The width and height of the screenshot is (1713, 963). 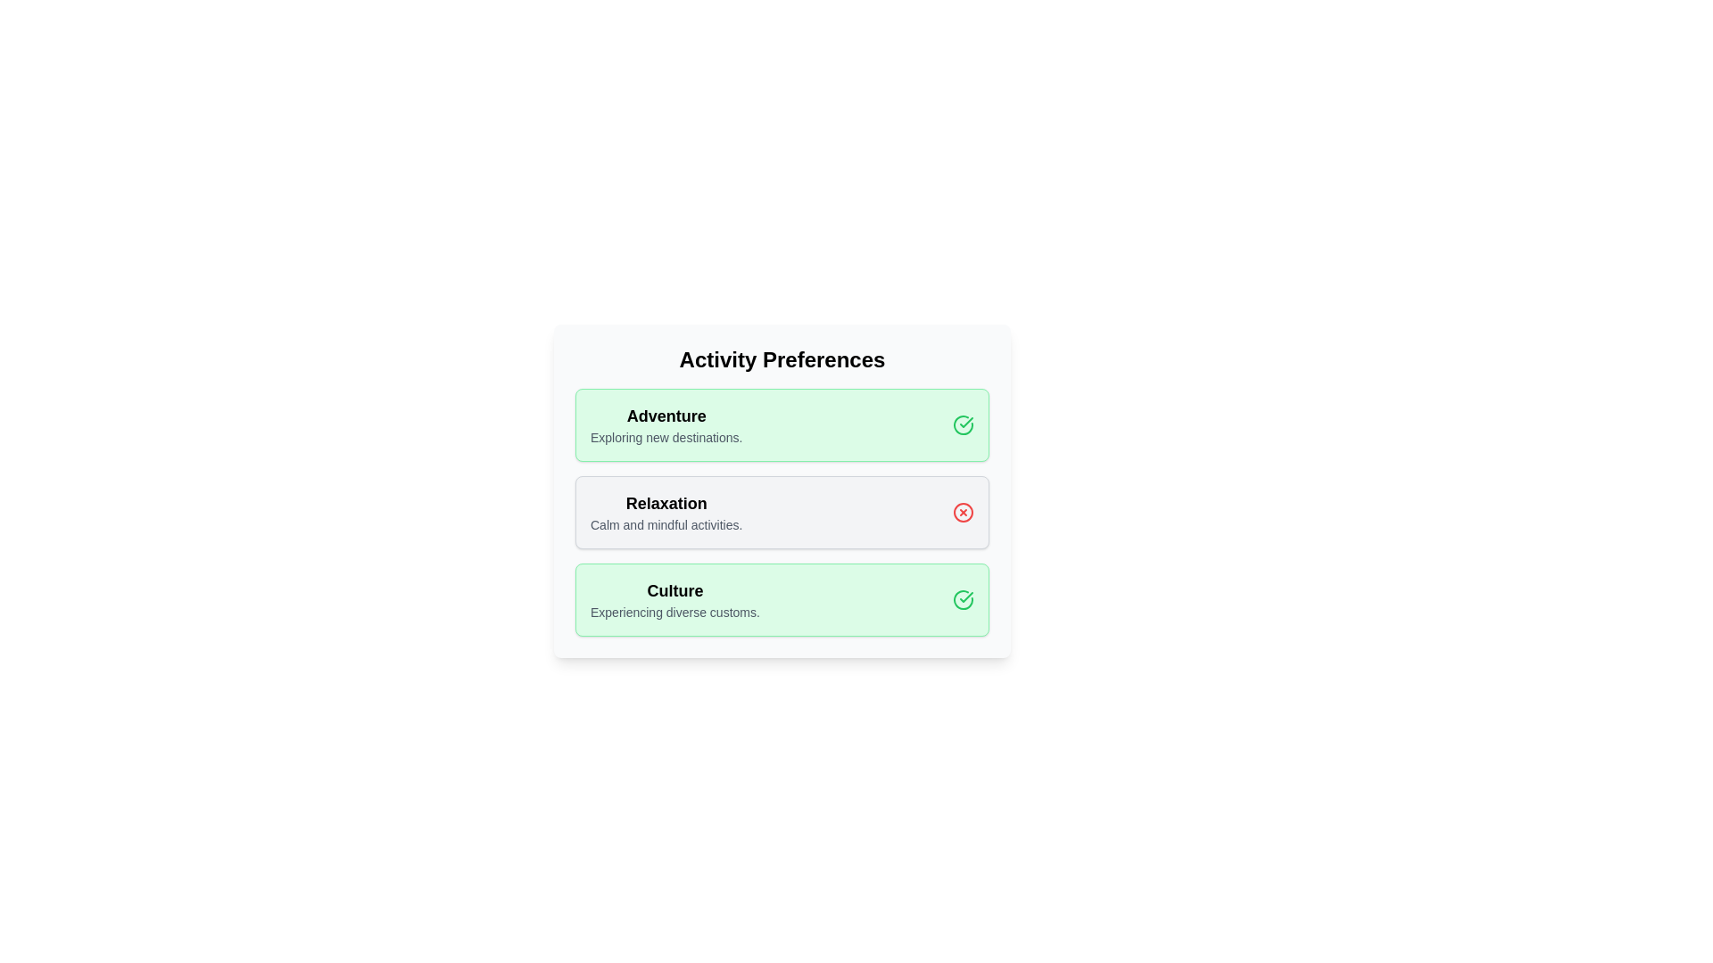 I want to click on the chip labeled 'Adventure', so click(x=782, y=425).